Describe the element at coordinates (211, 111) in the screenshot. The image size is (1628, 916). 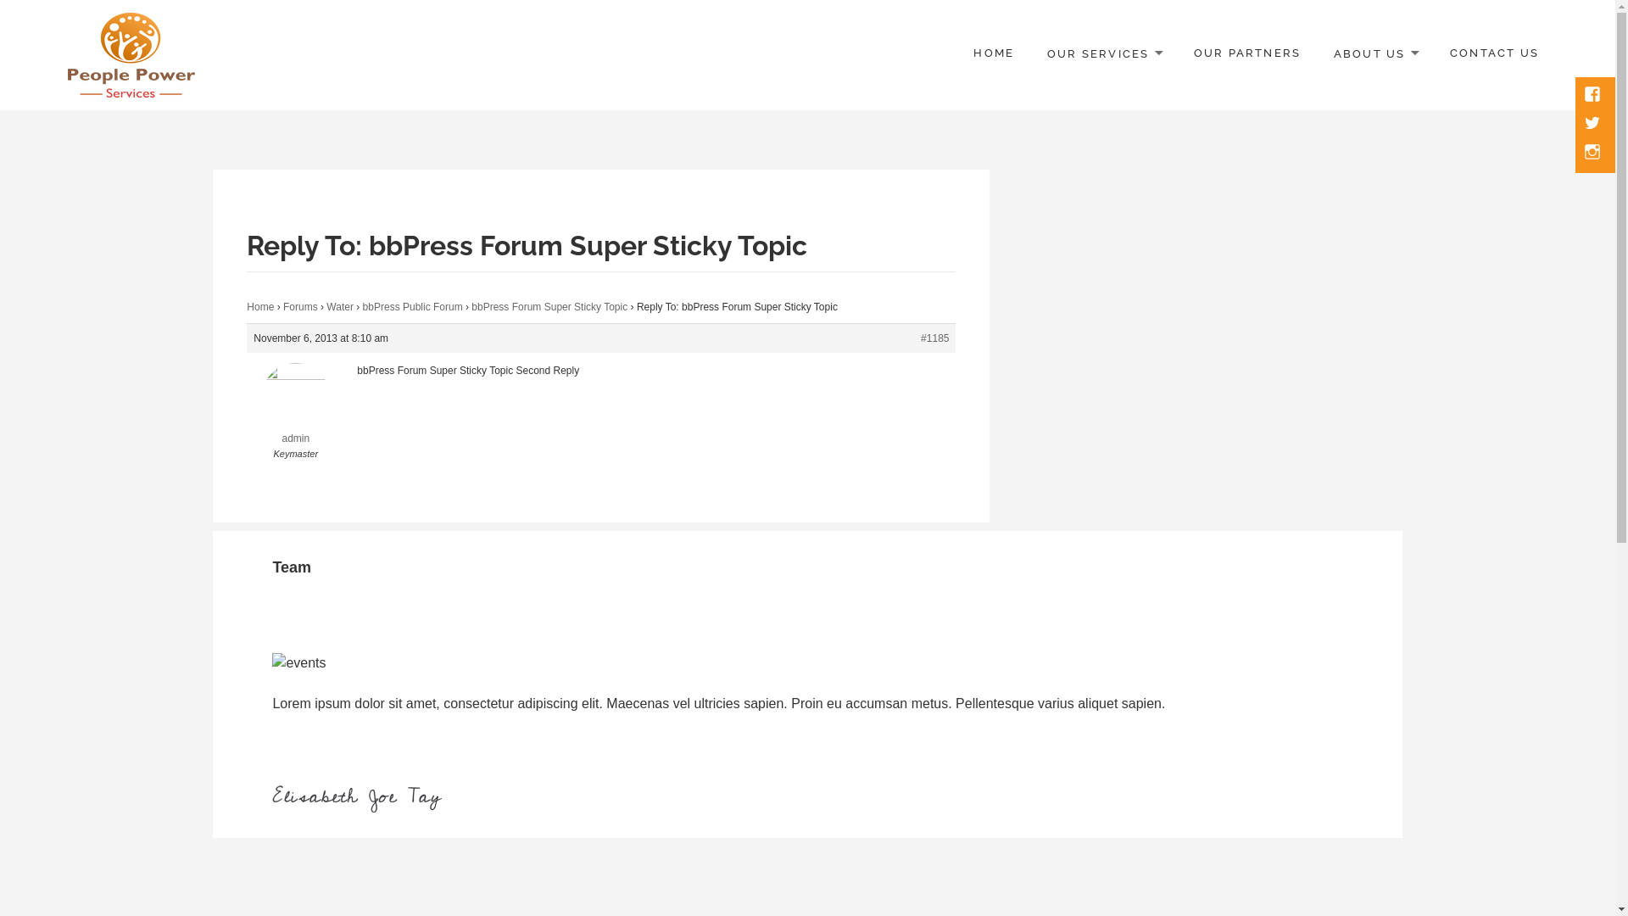
I see `'People Power Services Ltd'` at that location.